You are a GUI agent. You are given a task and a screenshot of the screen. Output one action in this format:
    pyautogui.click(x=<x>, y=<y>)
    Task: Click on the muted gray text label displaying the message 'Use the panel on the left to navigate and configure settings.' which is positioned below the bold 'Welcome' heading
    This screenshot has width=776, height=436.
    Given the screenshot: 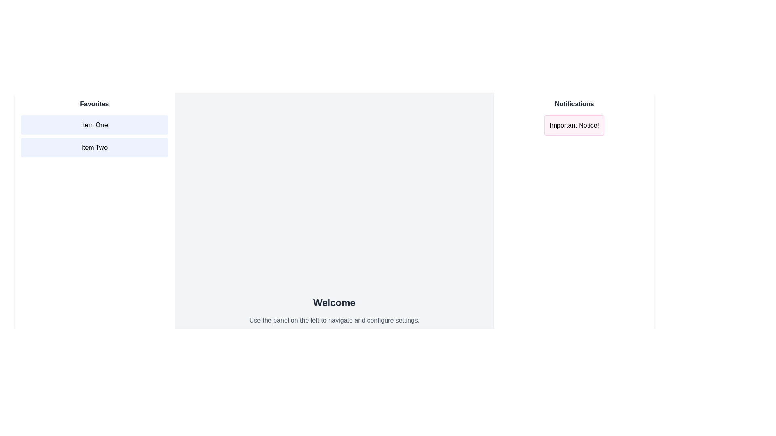 What is the action you would take?
    pyautogui.click(x=334, y=320)
    